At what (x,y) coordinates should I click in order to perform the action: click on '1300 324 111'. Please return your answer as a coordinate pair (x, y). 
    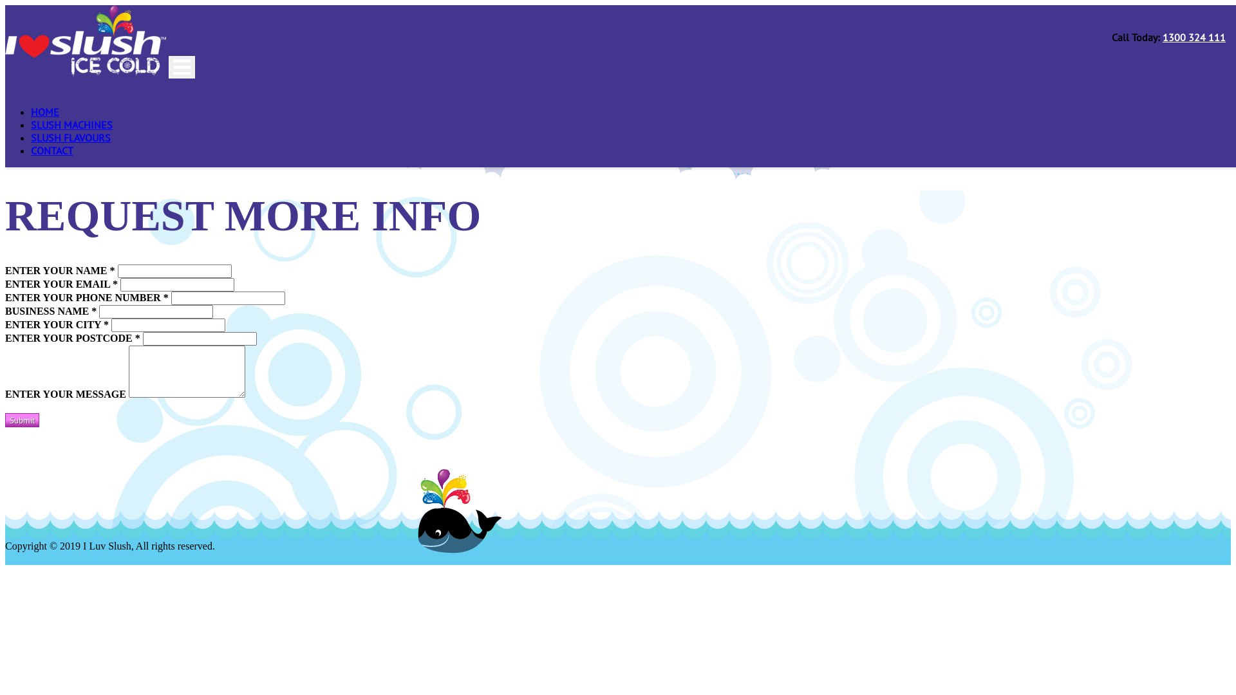
    Looking at the image, I should click on (1193, 36).